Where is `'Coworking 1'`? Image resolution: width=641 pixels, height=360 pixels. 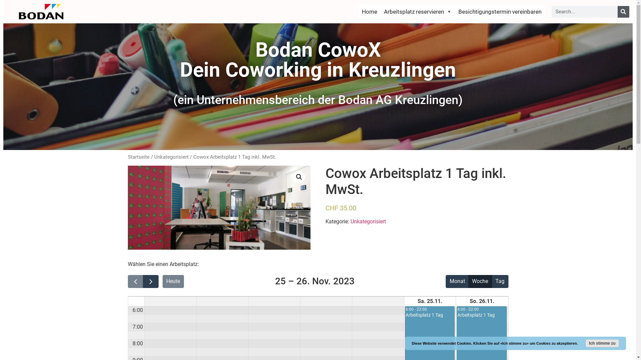
'Coworking 1' is located at coordinates (128, 207).